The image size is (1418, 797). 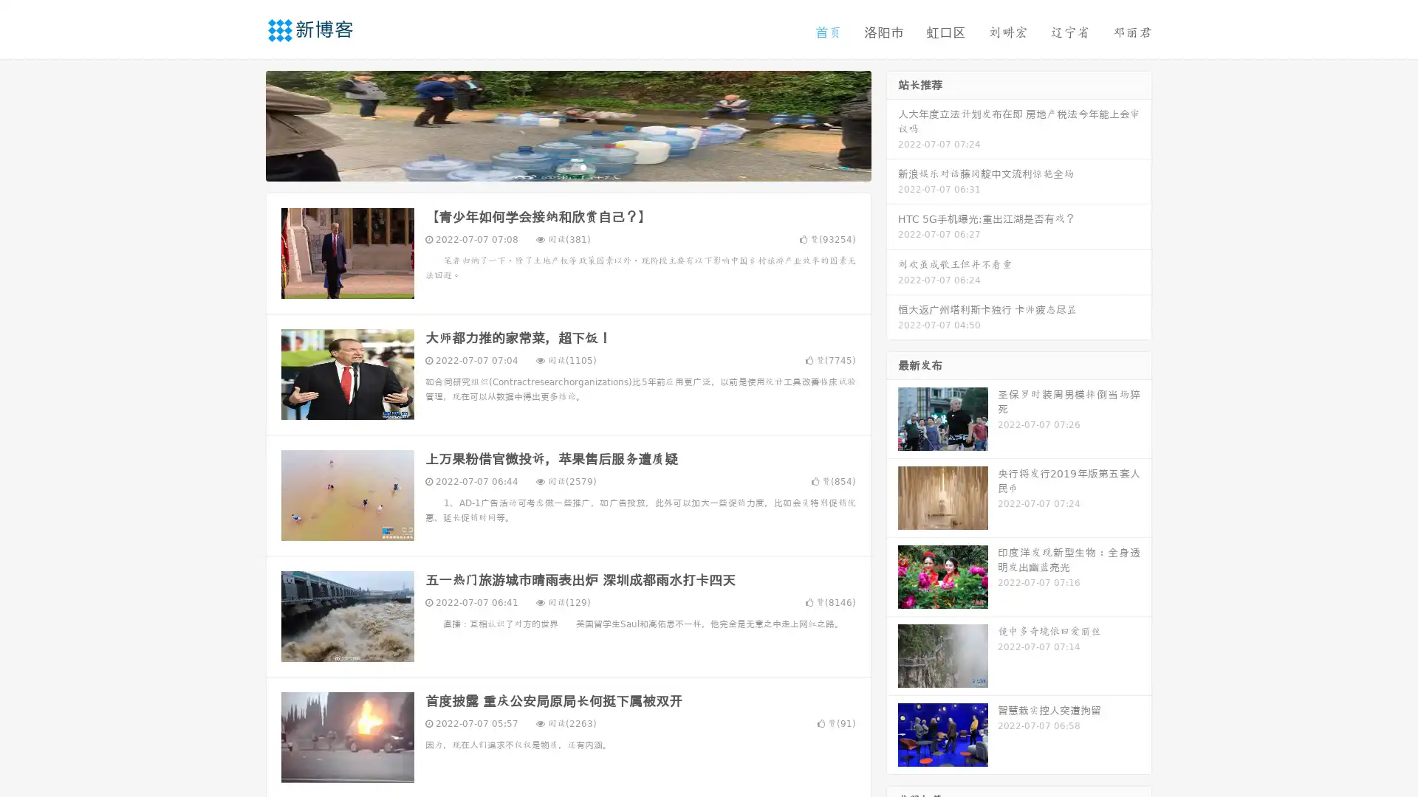 I want to click on Go to slide 2, so click(x=567, y=166).